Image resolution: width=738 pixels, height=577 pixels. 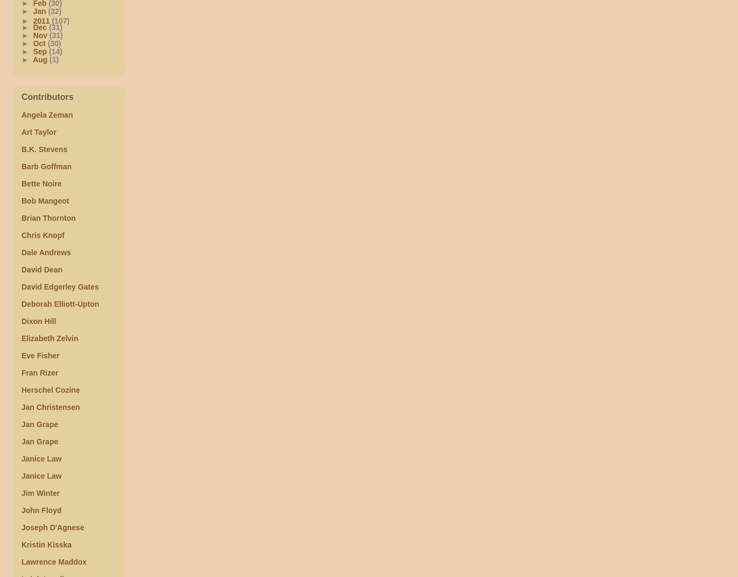 I want to click on 'B.K. Stevens', so click(x=44, y=149).